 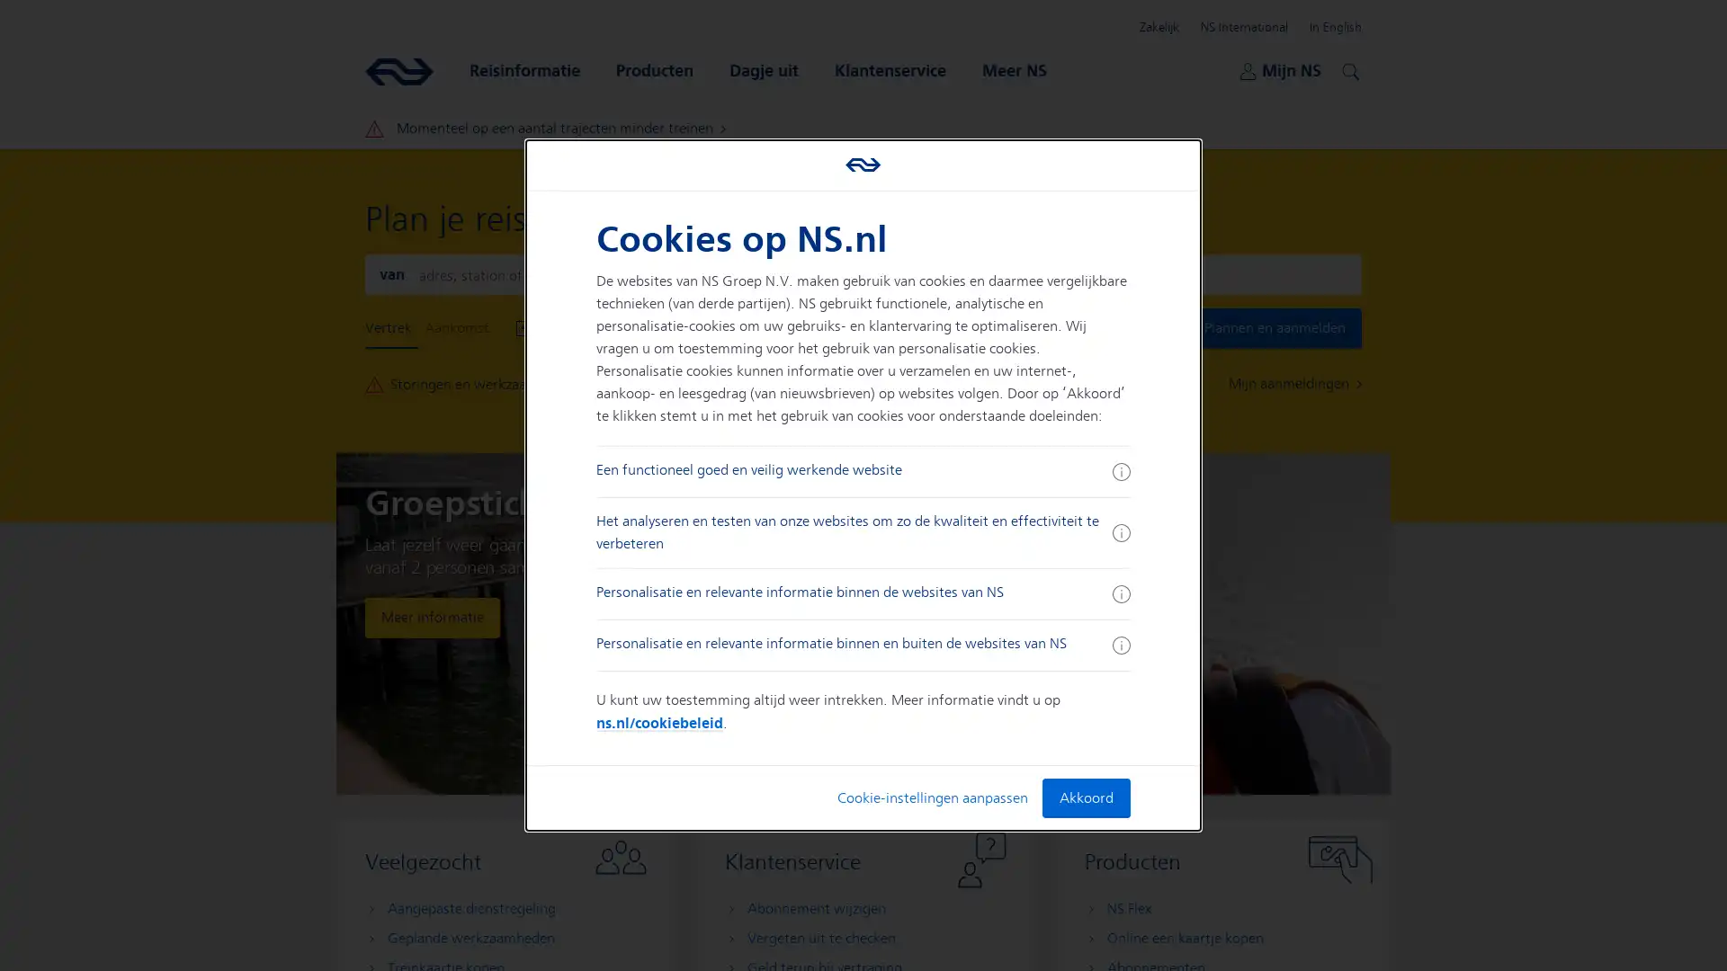 What do you see at coordinates (654, 69) in the screenshot?
I see `Producten Open submenu` at bounding box center [654, 69].